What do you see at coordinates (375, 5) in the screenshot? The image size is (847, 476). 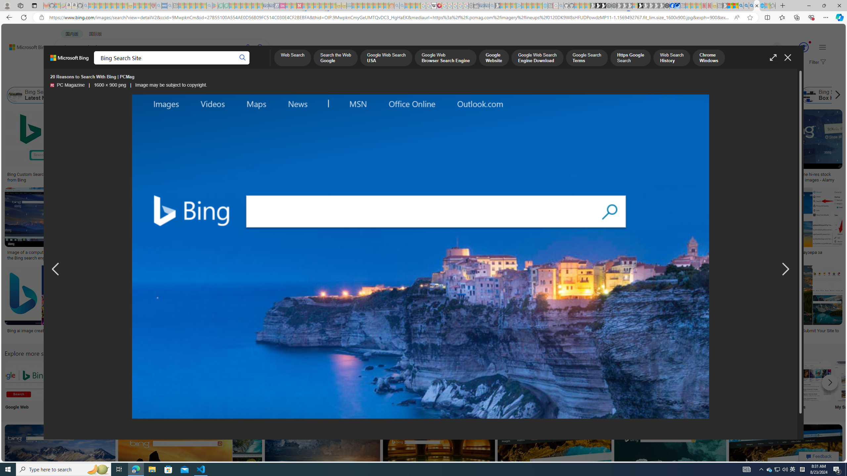 I see `'Kinda Frugal - MSN - Sleeping'` at bounding box center [375, 5].